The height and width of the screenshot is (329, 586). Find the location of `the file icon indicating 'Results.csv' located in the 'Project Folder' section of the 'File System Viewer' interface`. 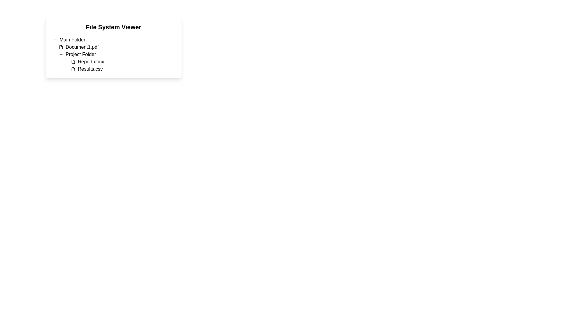

the file icon indicating 'Results.csv' located in the 'Project Folder' section of the 'File System Viewer' interface is located at coordinates (73, 69).